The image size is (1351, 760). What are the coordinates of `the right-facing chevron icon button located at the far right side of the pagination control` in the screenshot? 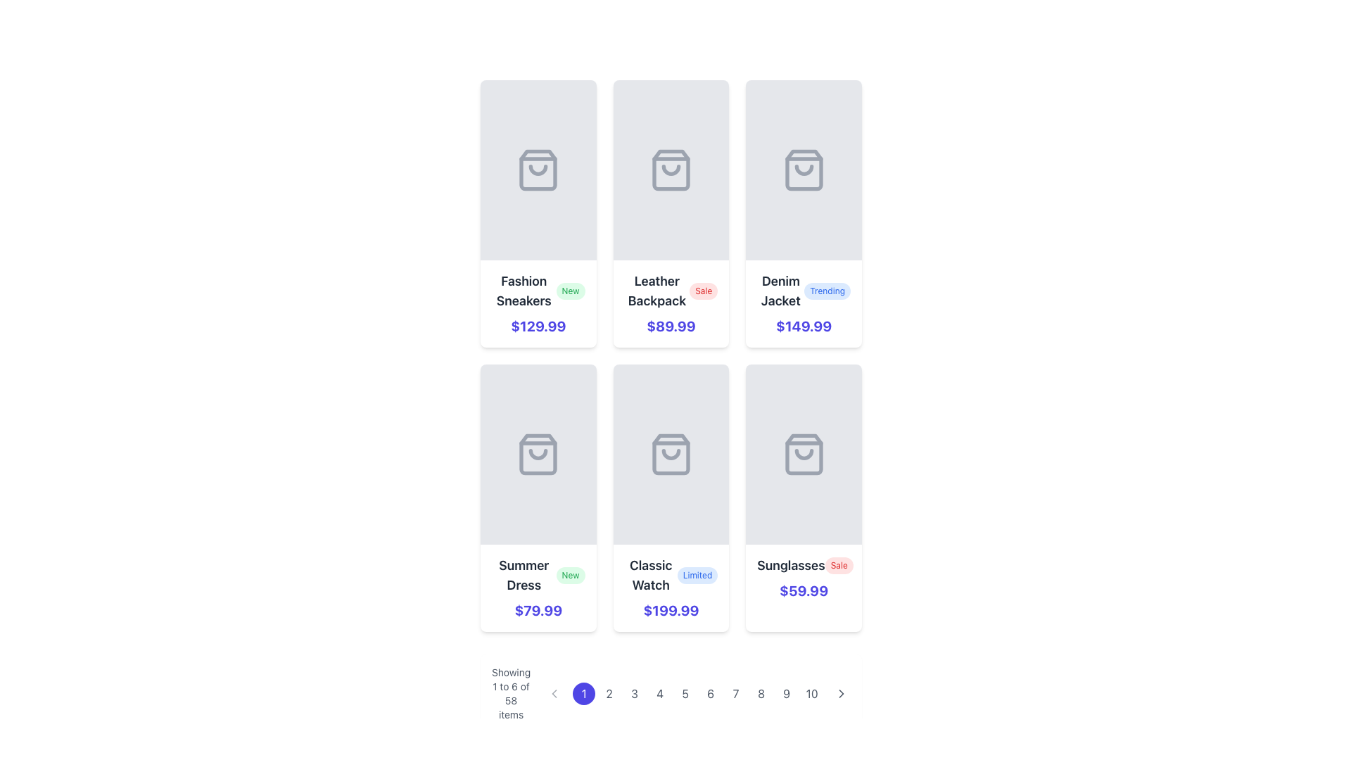 It's located at (842, 693).